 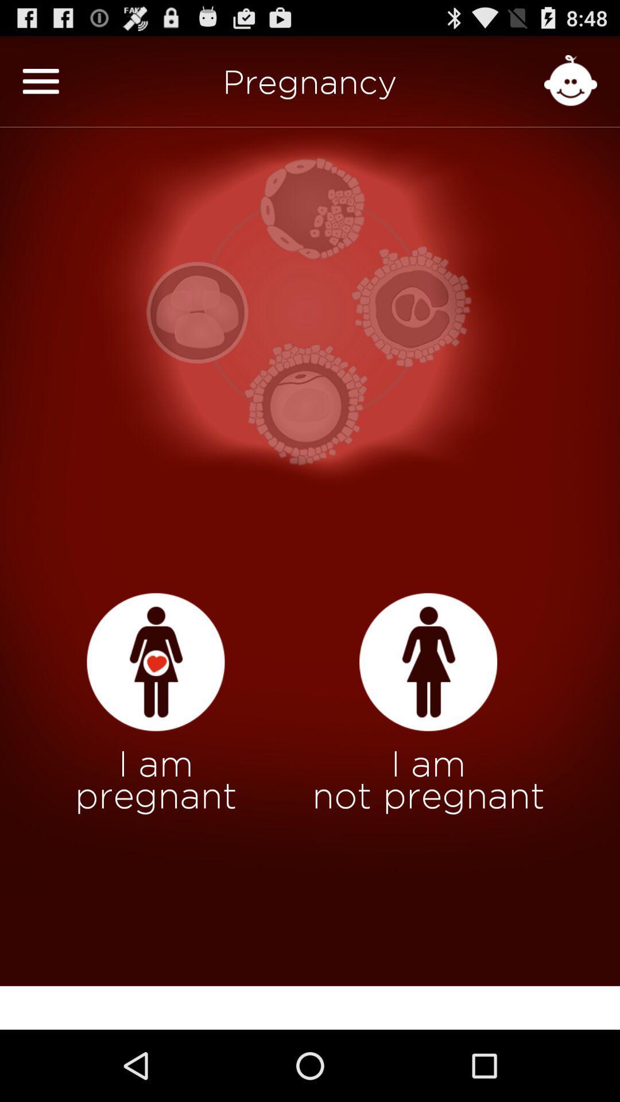 I want to click on dropdown menu, so click(x=40, y=80).